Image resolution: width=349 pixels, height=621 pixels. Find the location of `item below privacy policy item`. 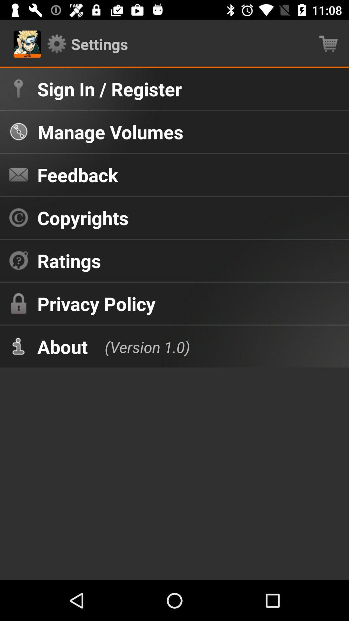

item below privacy policy item is located at coordinates (140, 346).